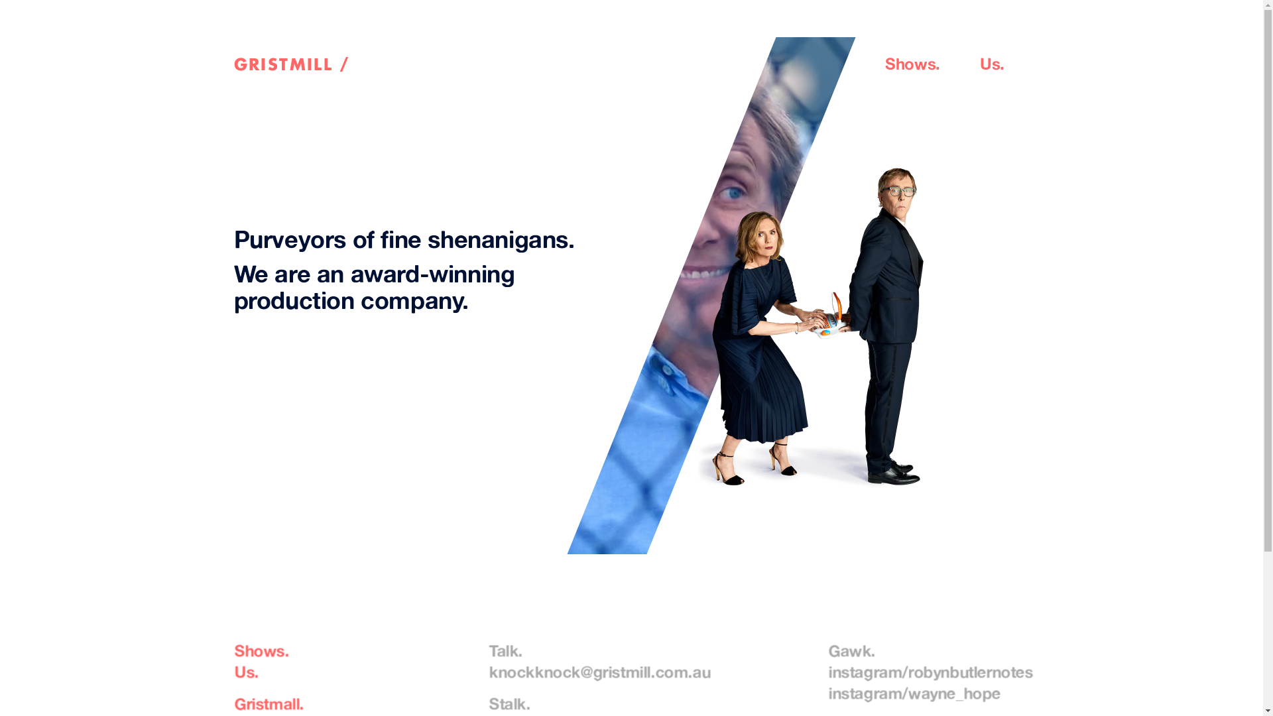 The image size is (1273, 716). Describe the element at coordinates (909, 64) in the screenshot. I see `'Shows'` at that location.